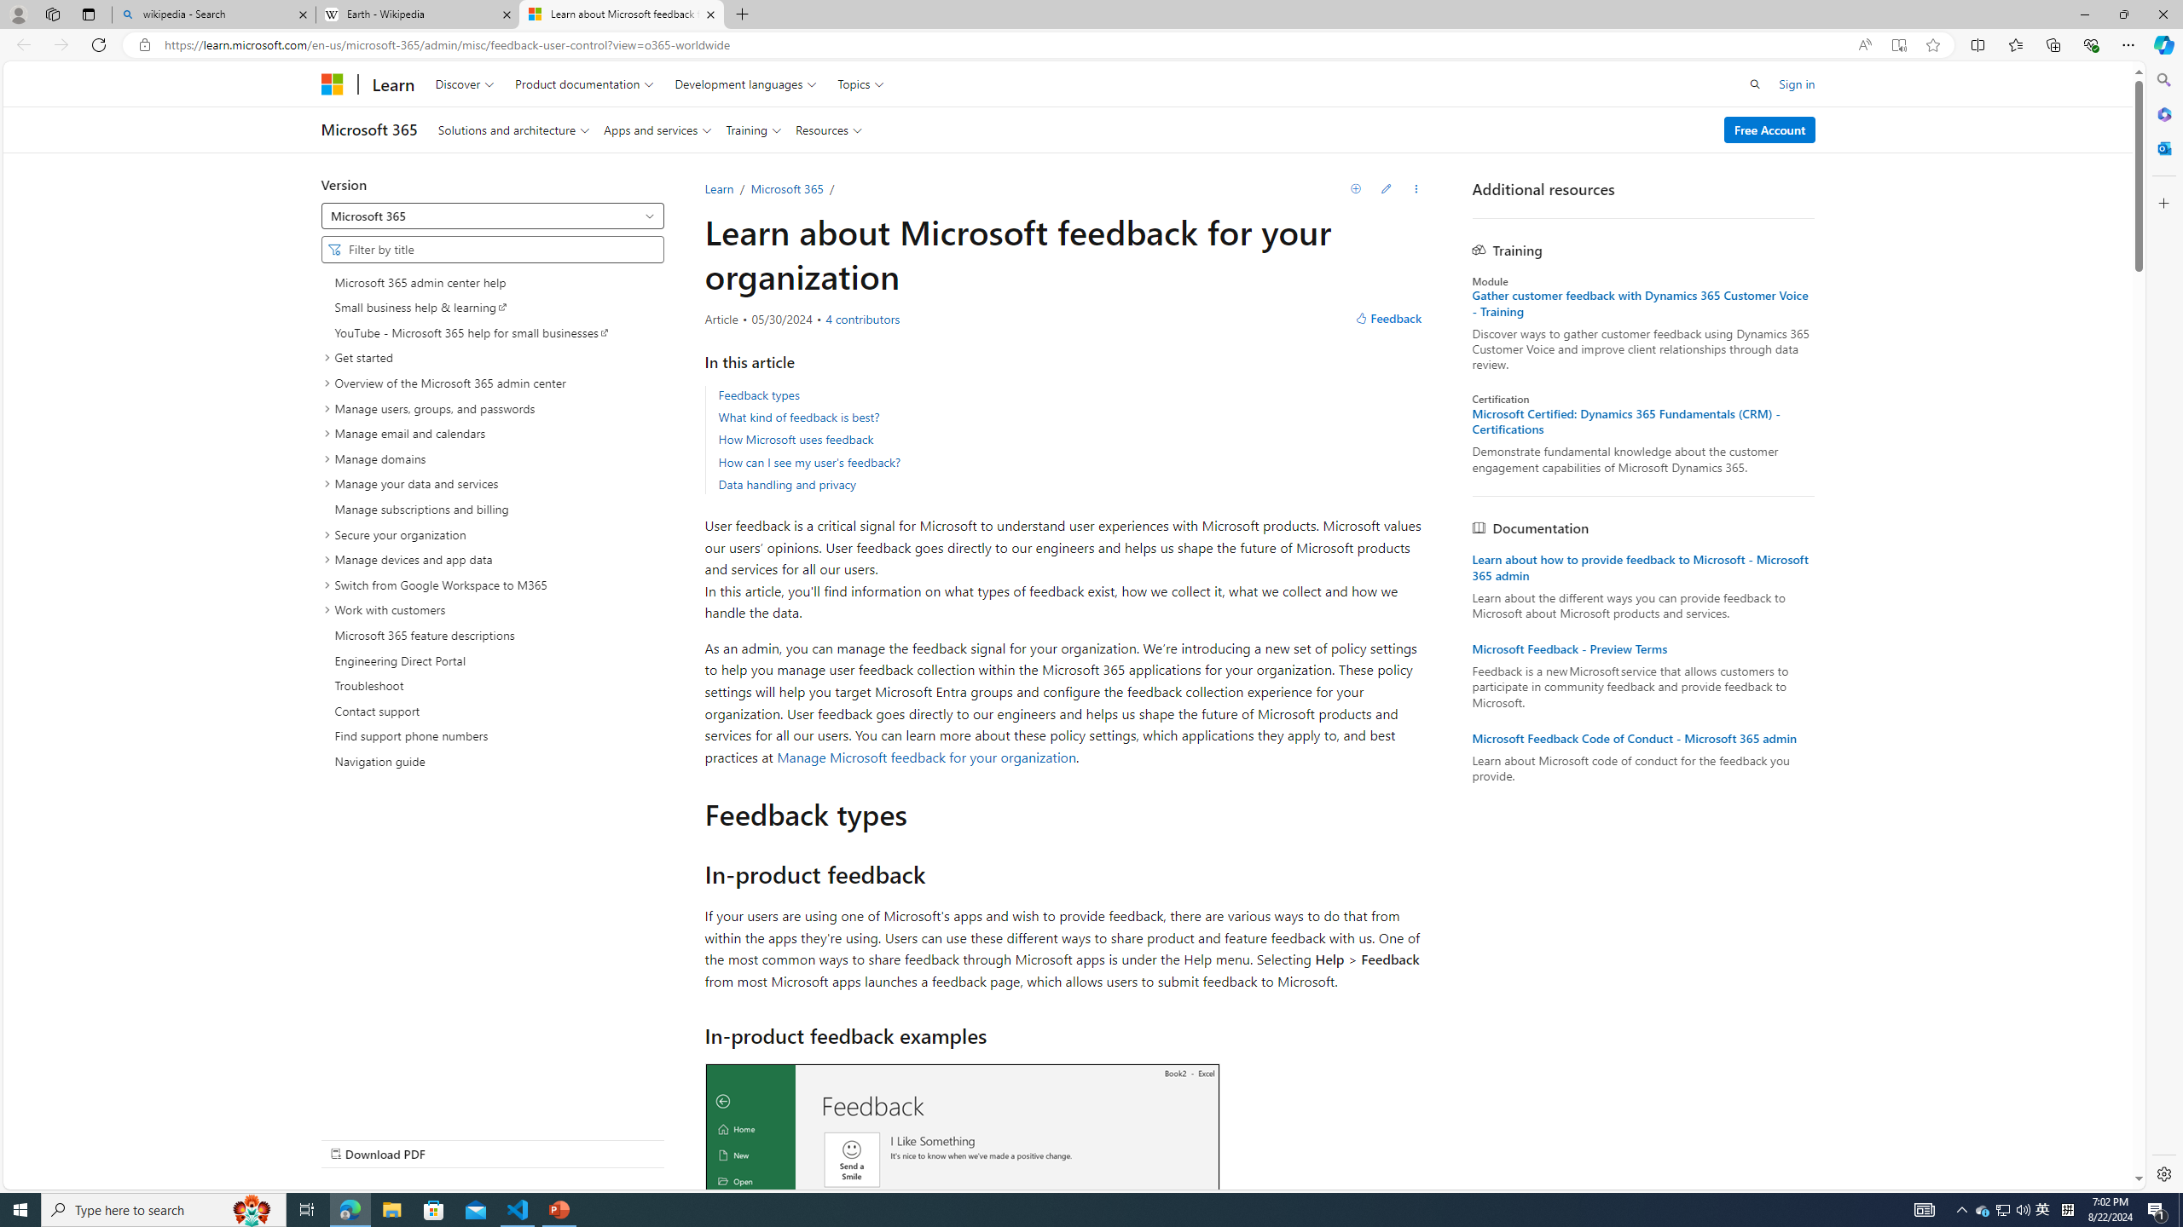 The image size is (2183, 1227). What do you see at coordinates (1863, 45) in the screenshot?
I see `'Read aloud this page (Ctrl+Shift+U)'` at bounding box center [1863, 45].